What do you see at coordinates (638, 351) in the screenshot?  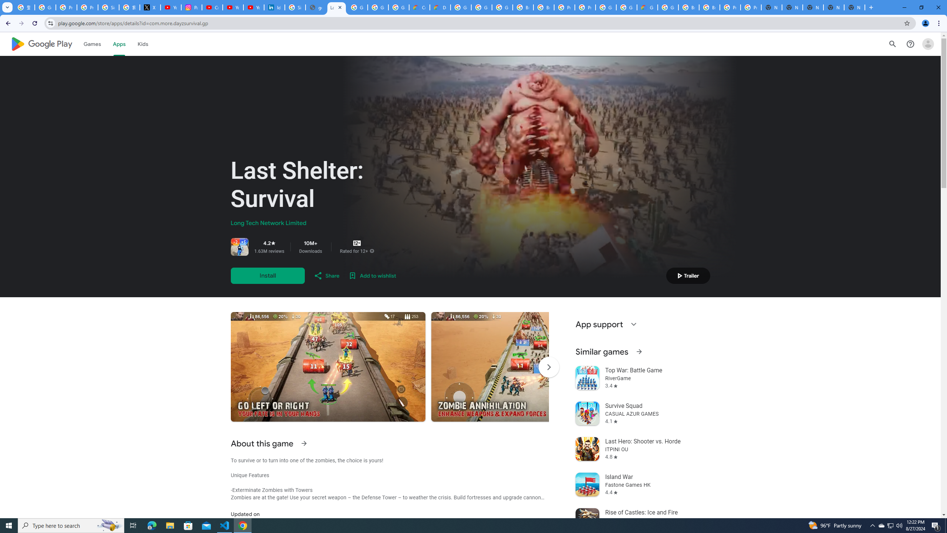 I see `'See more information on Similar games'` at bounding box center [638, 351].